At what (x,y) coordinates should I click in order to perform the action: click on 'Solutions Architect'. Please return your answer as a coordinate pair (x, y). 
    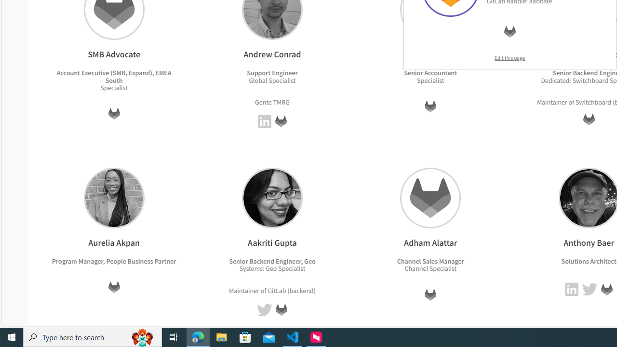
    Looking at the image, I should click on (588, 261).